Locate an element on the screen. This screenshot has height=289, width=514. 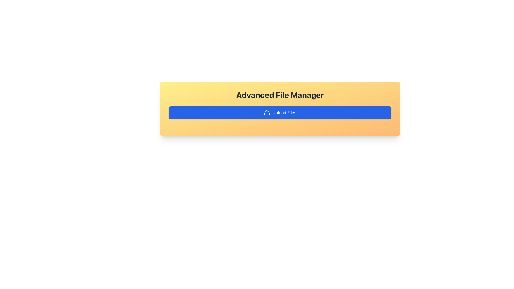
the rectangular button with a blue background, rounded corners, and the text 'Upload Files' is located at coordinates (280, 112).